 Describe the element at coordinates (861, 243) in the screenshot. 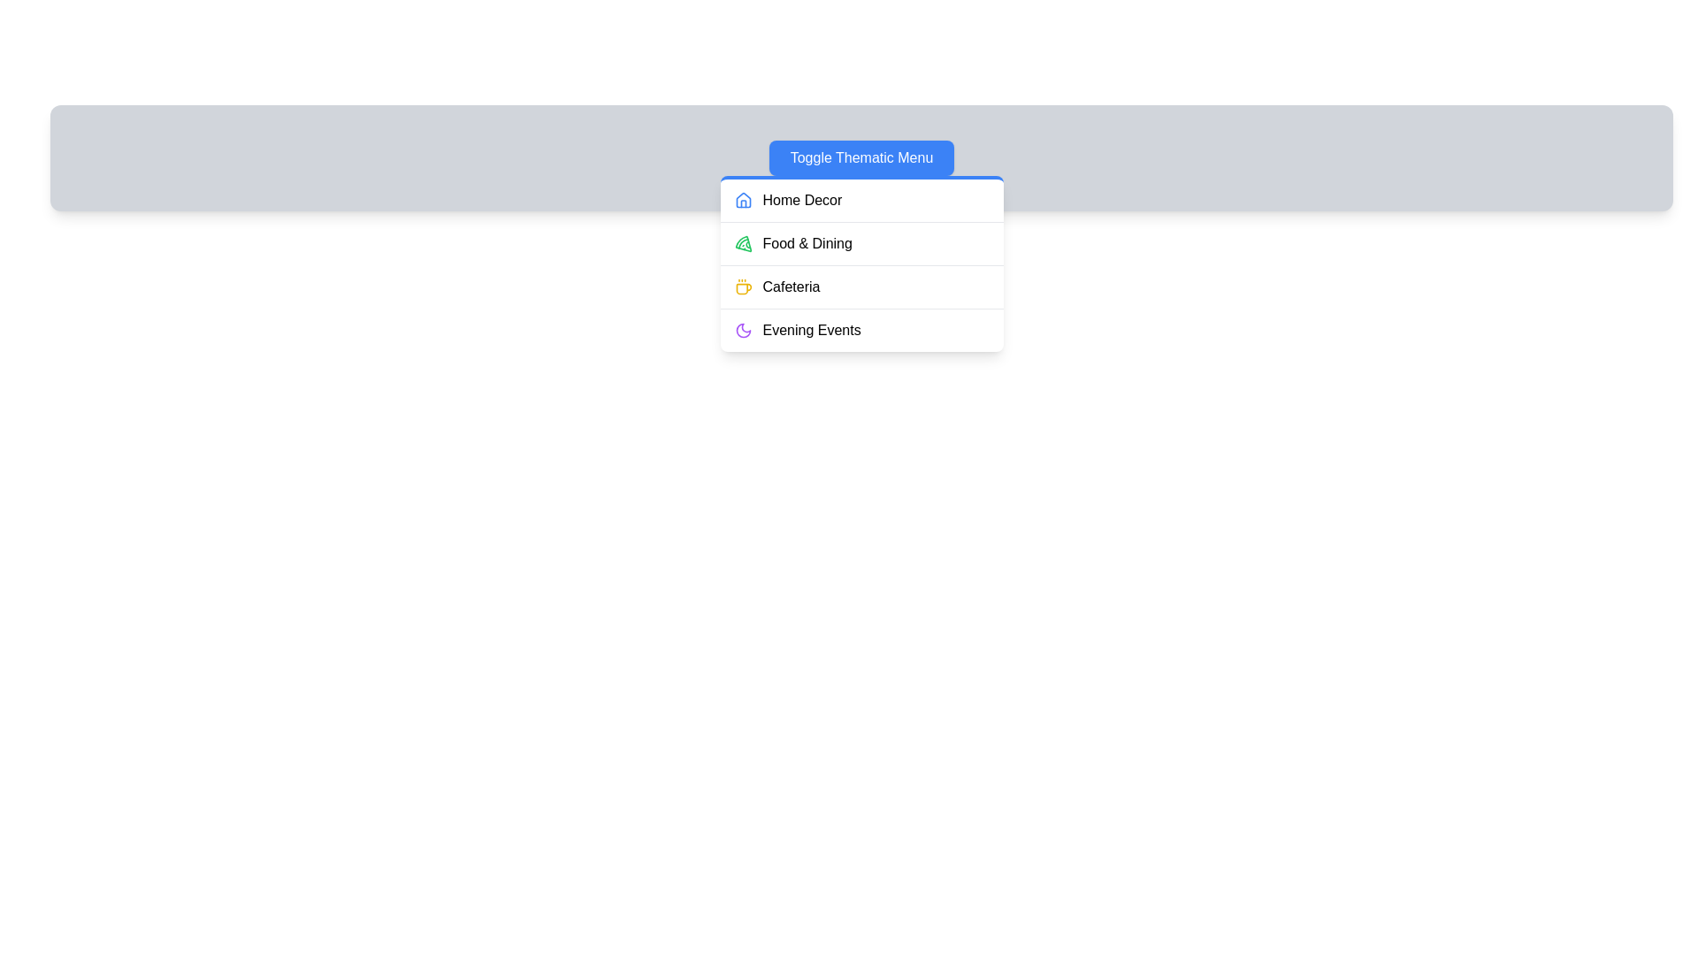

I see `the menu item Food & Dining by clicking on it` at that location.